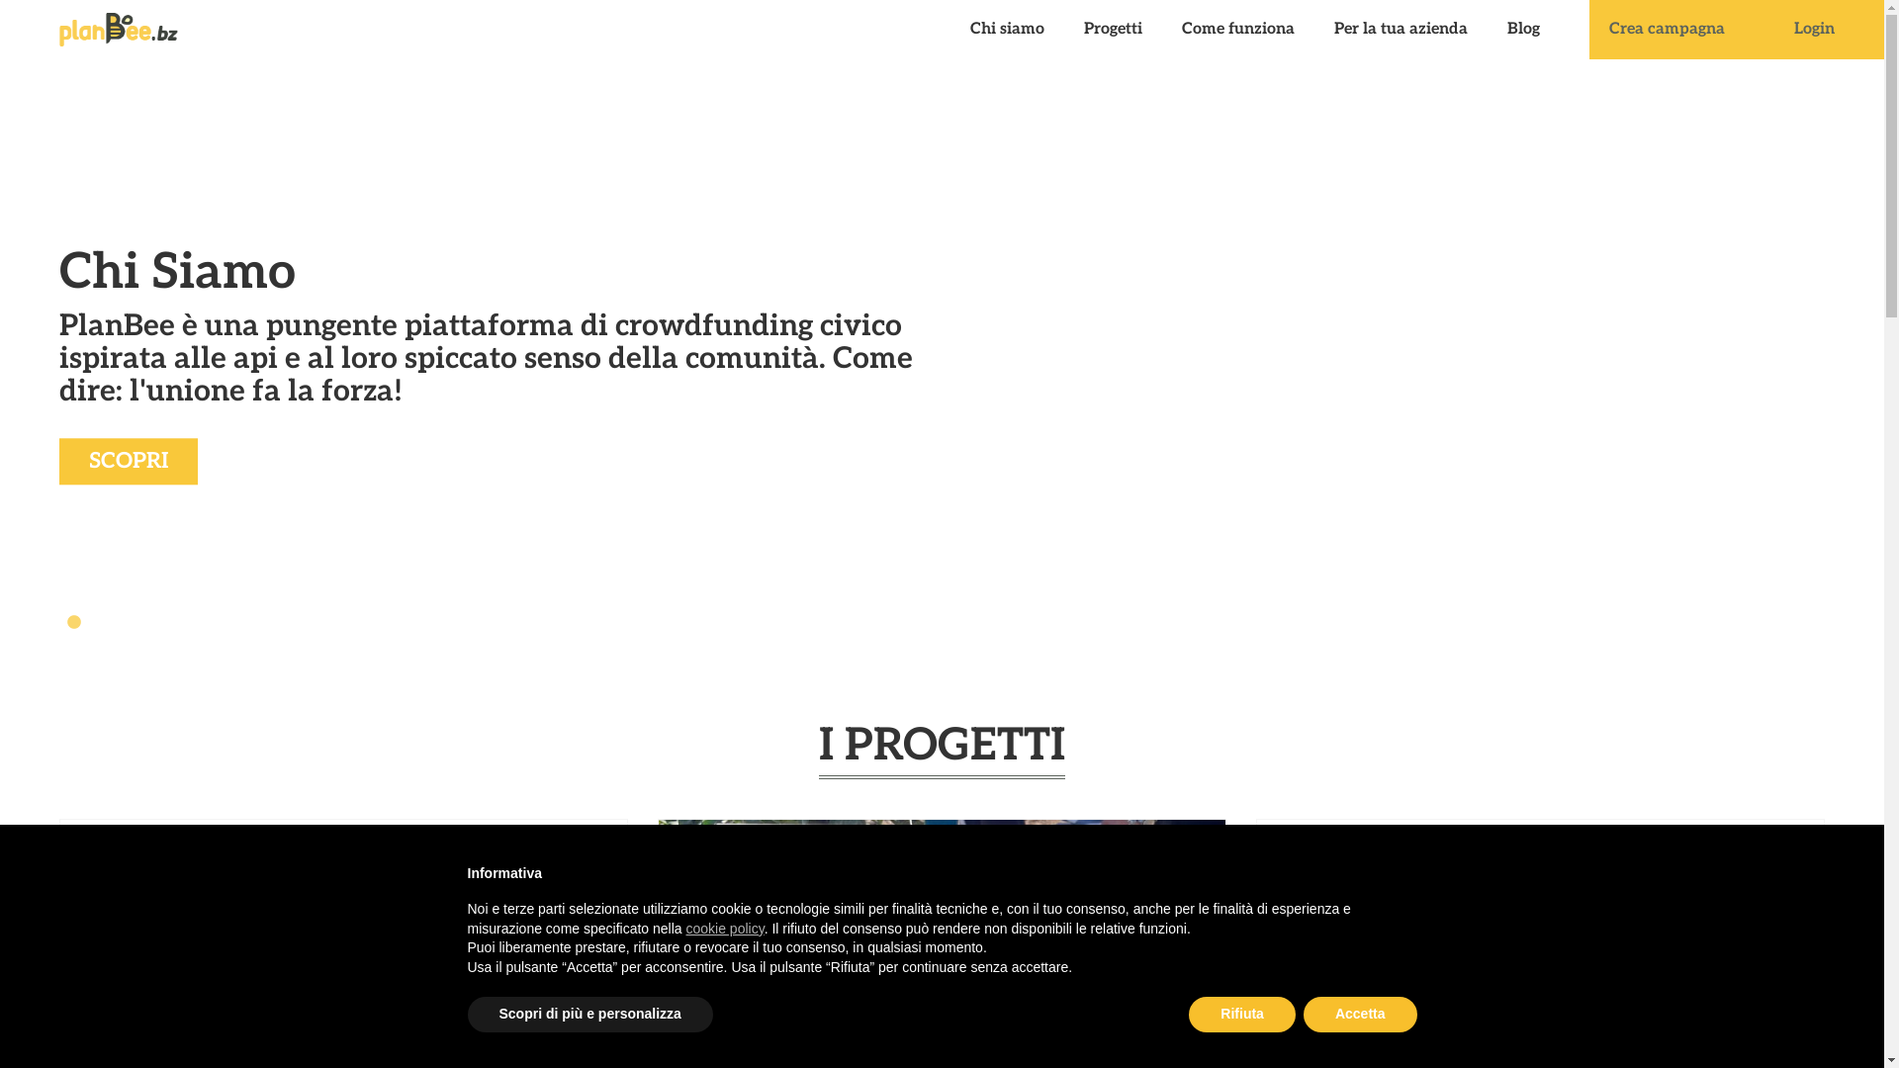 The image size is (1899, 1068). I want to click on 'cookie policy', so click(724, 928).